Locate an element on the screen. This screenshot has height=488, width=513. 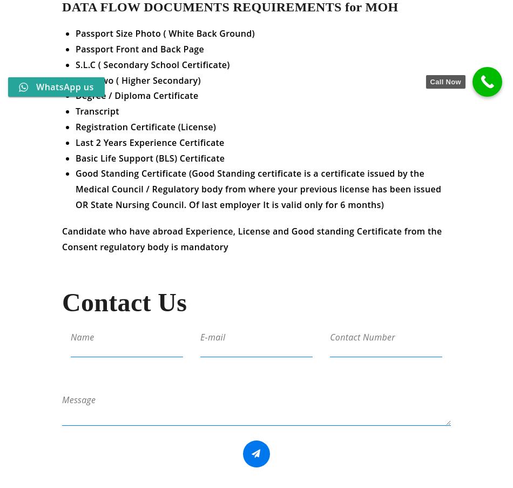
'Candidate who have abroad Experience, License and Good standing Certificate from the Consent regulatory body is mandatory' is located at coordinates (251, 245).